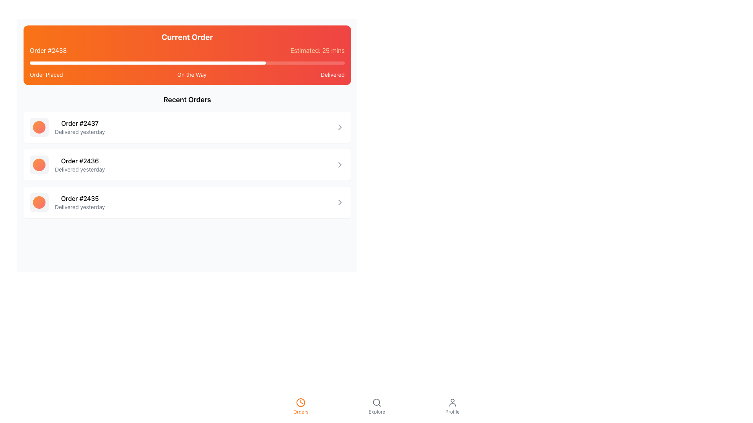 The image size is (753, 423). I want to click on the middle entry in the 'Recent Orders' section, so click(67, 164).